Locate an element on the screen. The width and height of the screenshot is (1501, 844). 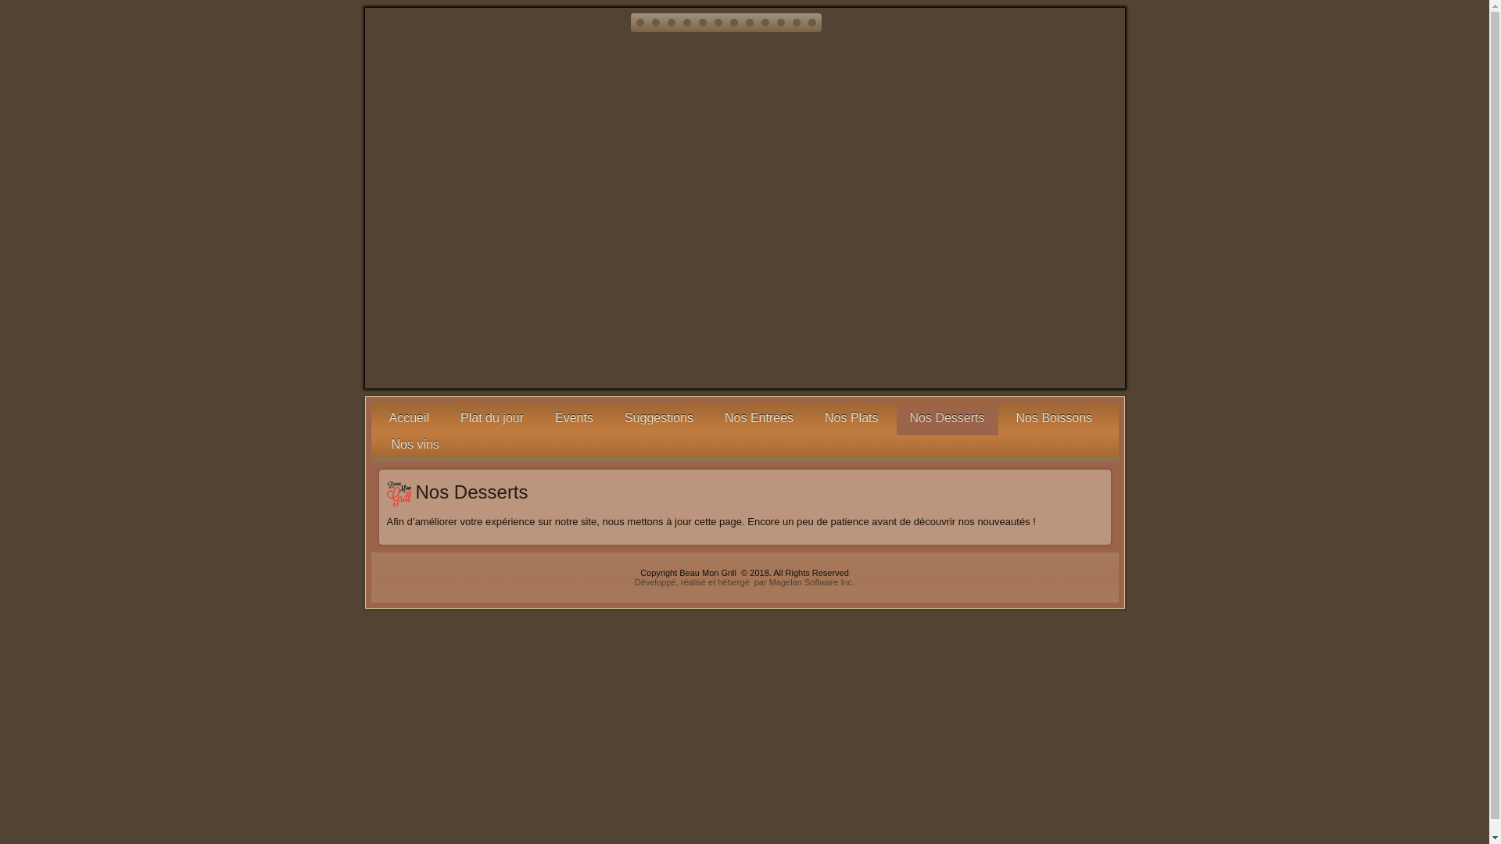
'Nos vins' is located at coordinates (415, 445).